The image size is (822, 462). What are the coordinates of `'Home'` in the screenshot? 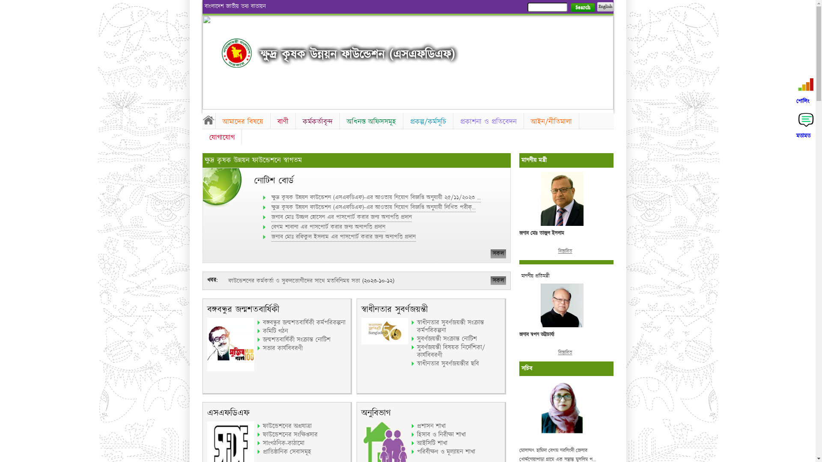 It's located at (201, 120).